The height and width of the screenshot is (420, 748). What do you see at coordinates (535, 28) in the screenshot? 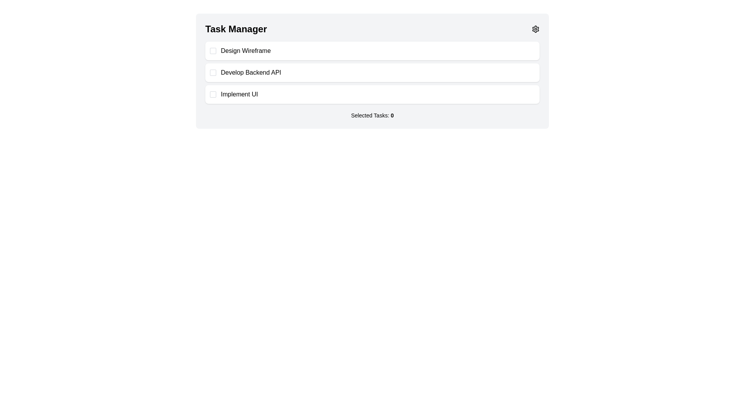
I see `the settings gear icon located at the top-right corner of the Task Manager panel` at bounding box center [535, 28].